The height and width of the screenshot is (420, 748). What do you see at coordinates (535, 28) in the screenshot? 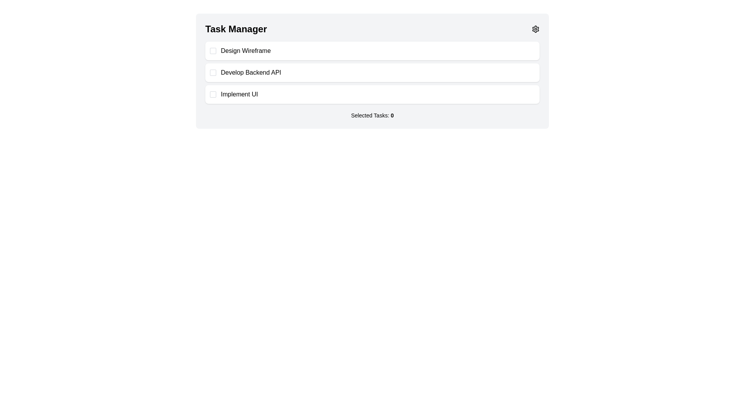
I see `the settings gear icon located at the top-right corner of the Task Manager panel` at bounding box center [535, 28].